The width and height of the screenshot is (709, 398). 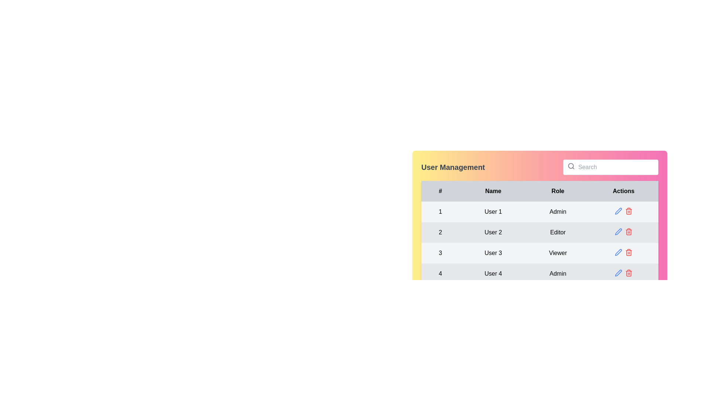 I want to click on the text label indicating the role assigned to 'User 3' in the user management table, located in the third row under the 'Role' column, so click(x=558, y=252).